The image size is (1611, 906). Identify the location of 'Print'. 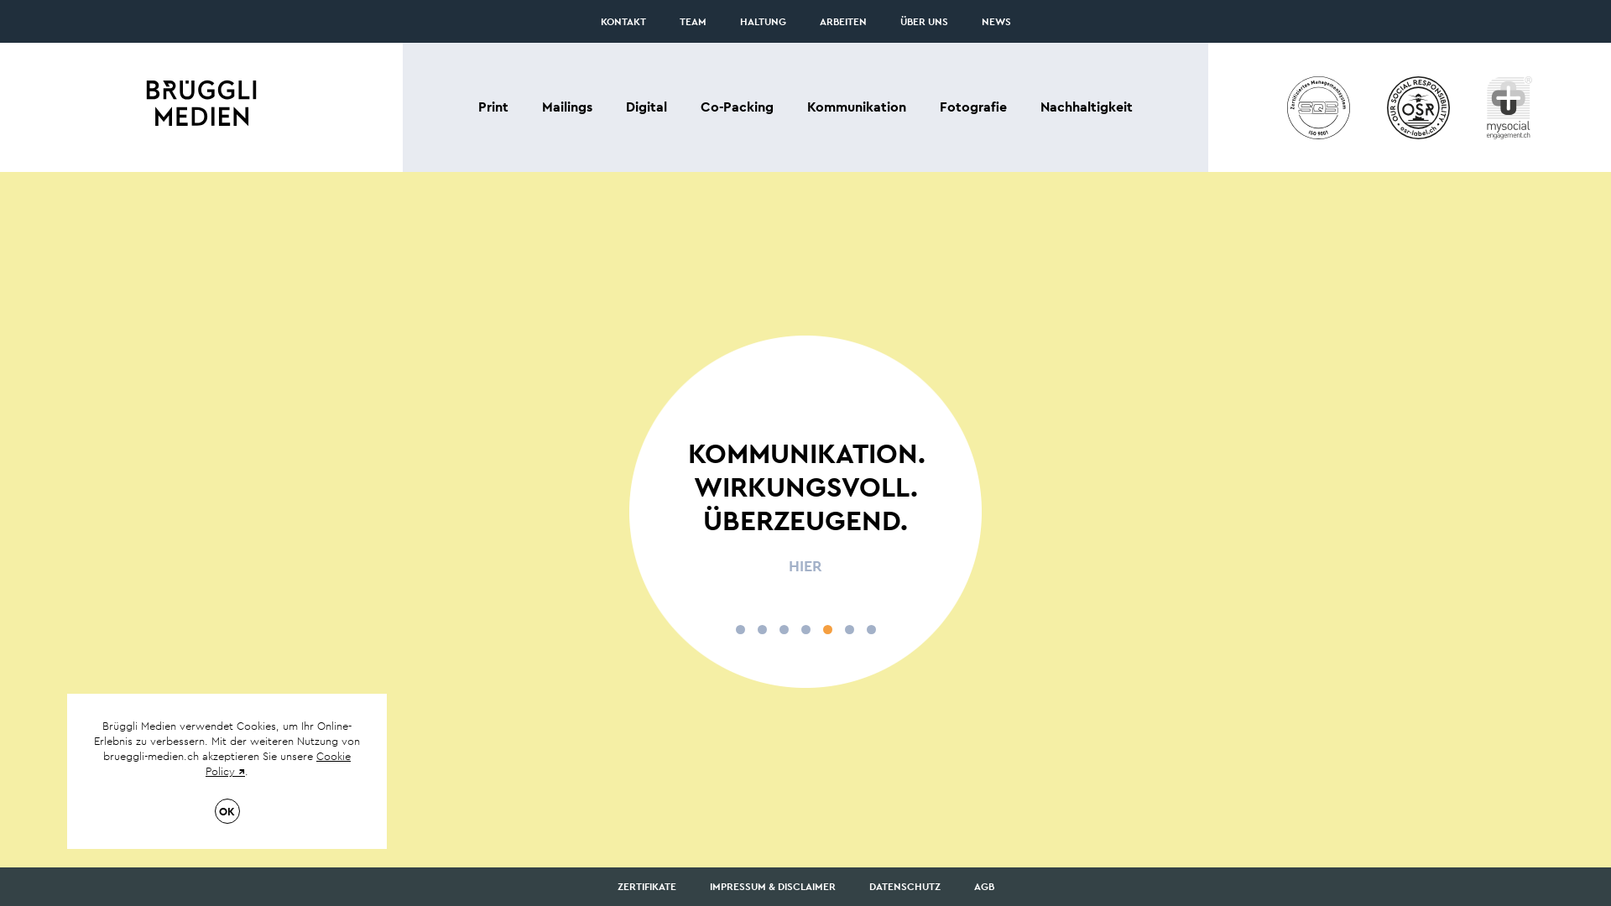
(493, 107).